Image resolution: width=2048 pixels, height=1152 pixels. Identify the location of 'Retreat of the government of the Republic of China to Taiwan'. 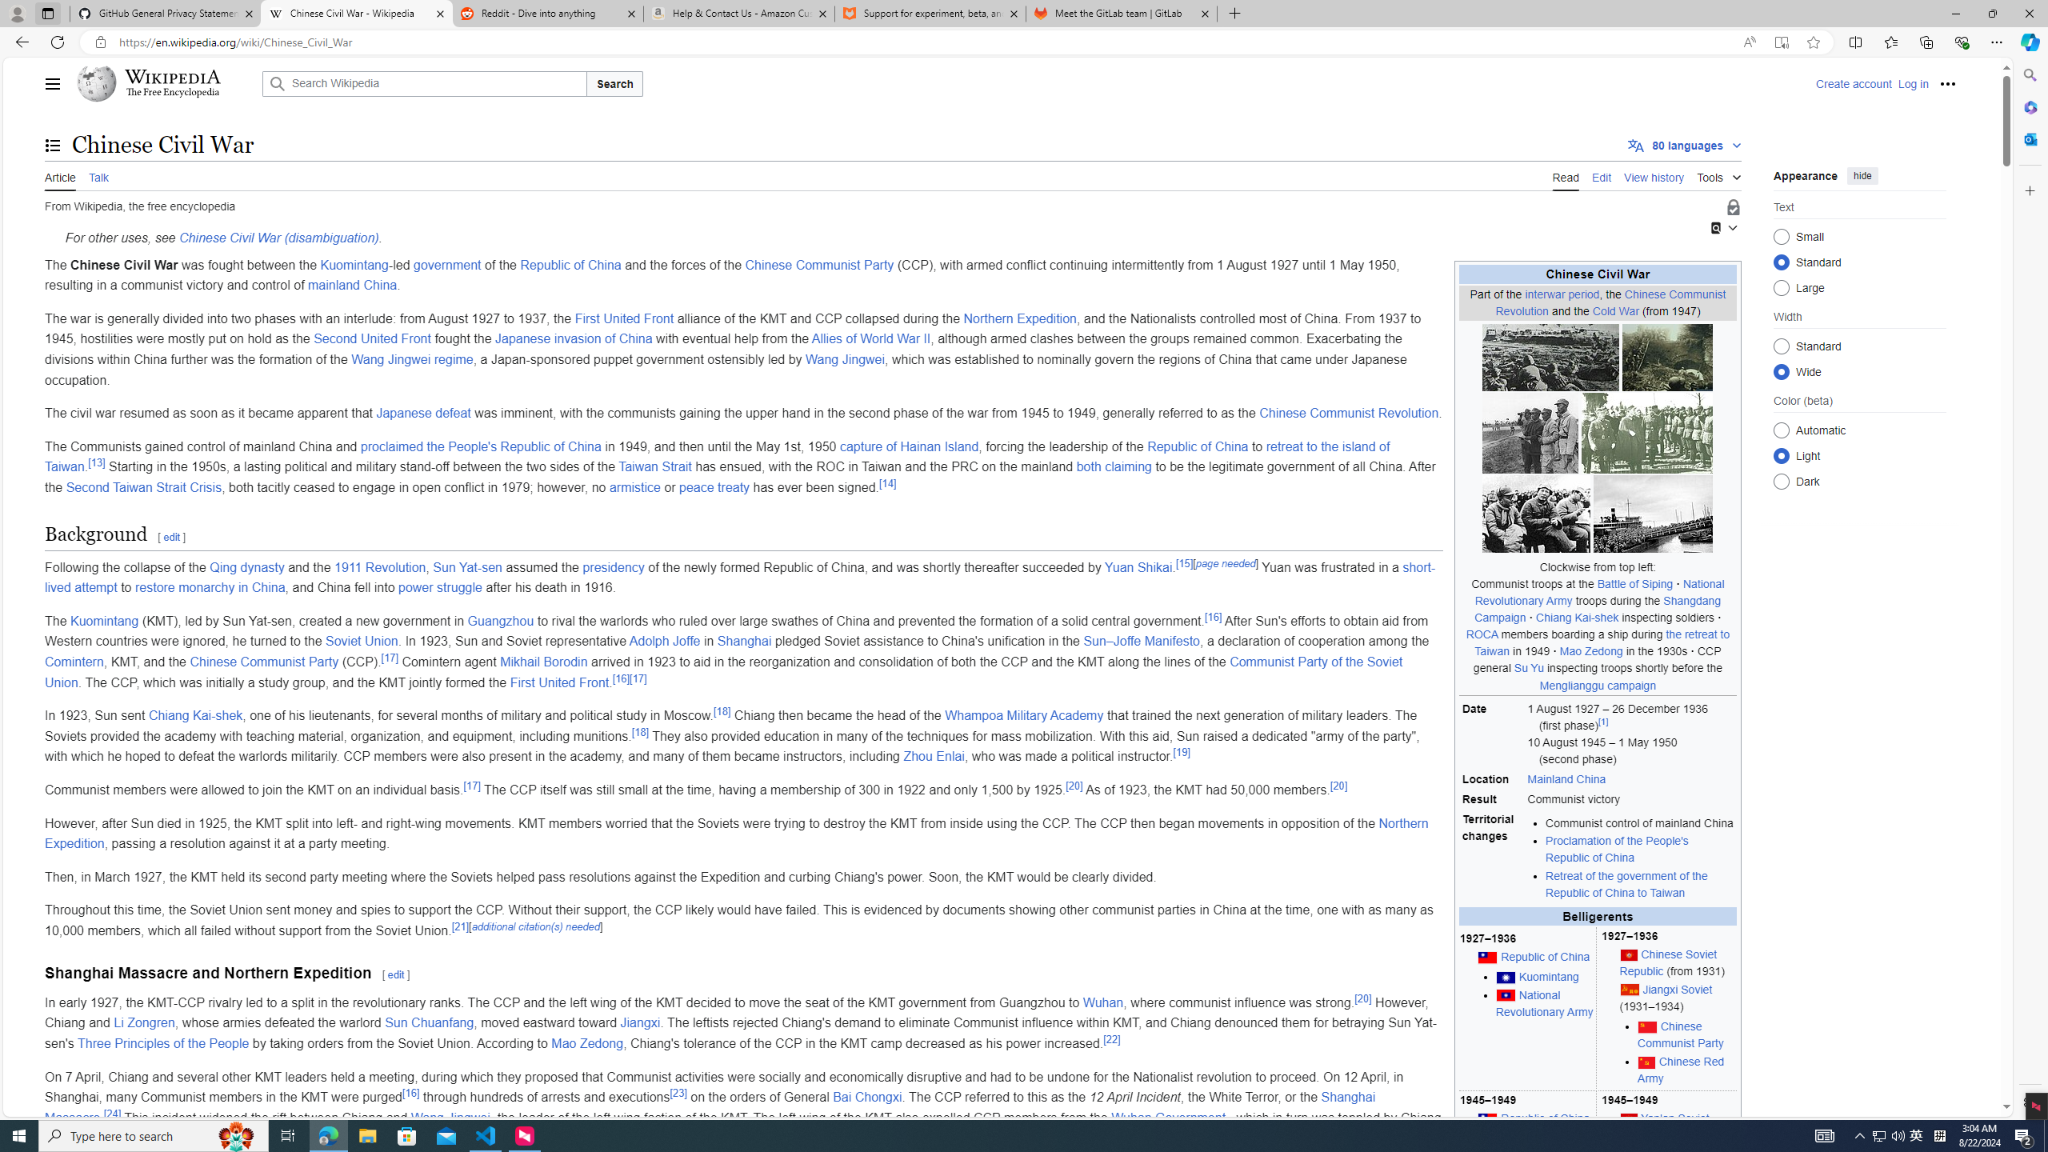
(1640, 883).